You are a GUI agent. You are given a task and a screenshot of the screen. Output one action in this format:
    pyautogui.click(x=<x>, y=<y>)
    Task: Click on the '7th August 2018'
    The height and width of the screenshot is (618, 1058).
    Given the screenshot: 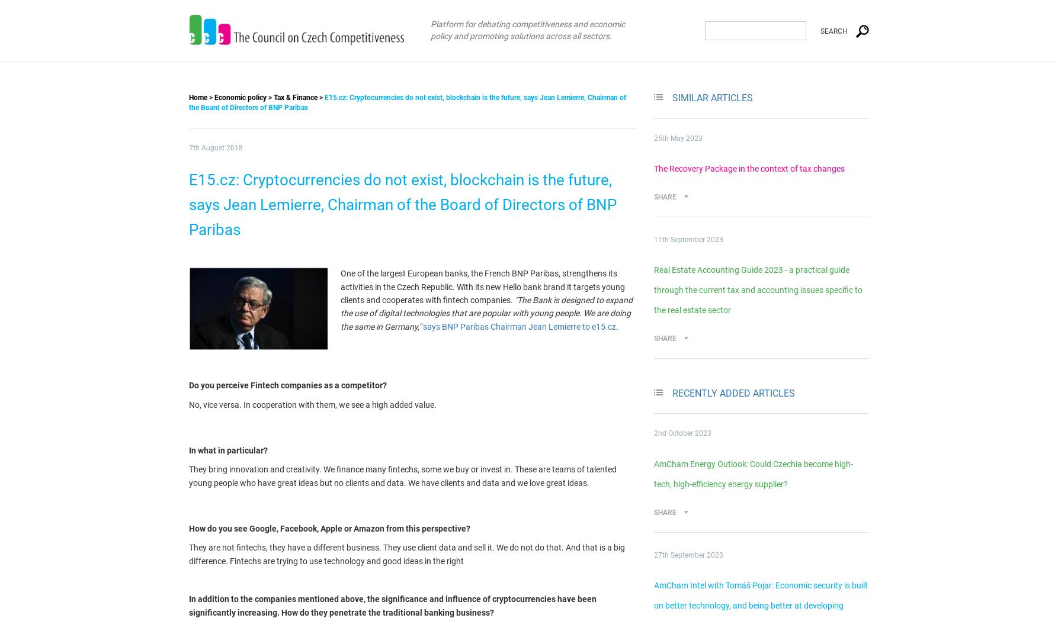 What is the action you would take?
    pyautogui.click(x=188, y=148)
    